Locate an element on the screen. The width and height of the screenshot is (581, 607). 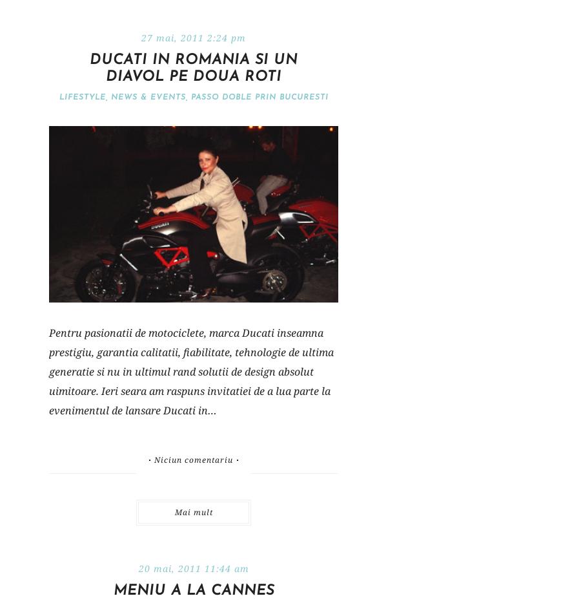
'Lifestyle' is located at coordinates (81, 97).